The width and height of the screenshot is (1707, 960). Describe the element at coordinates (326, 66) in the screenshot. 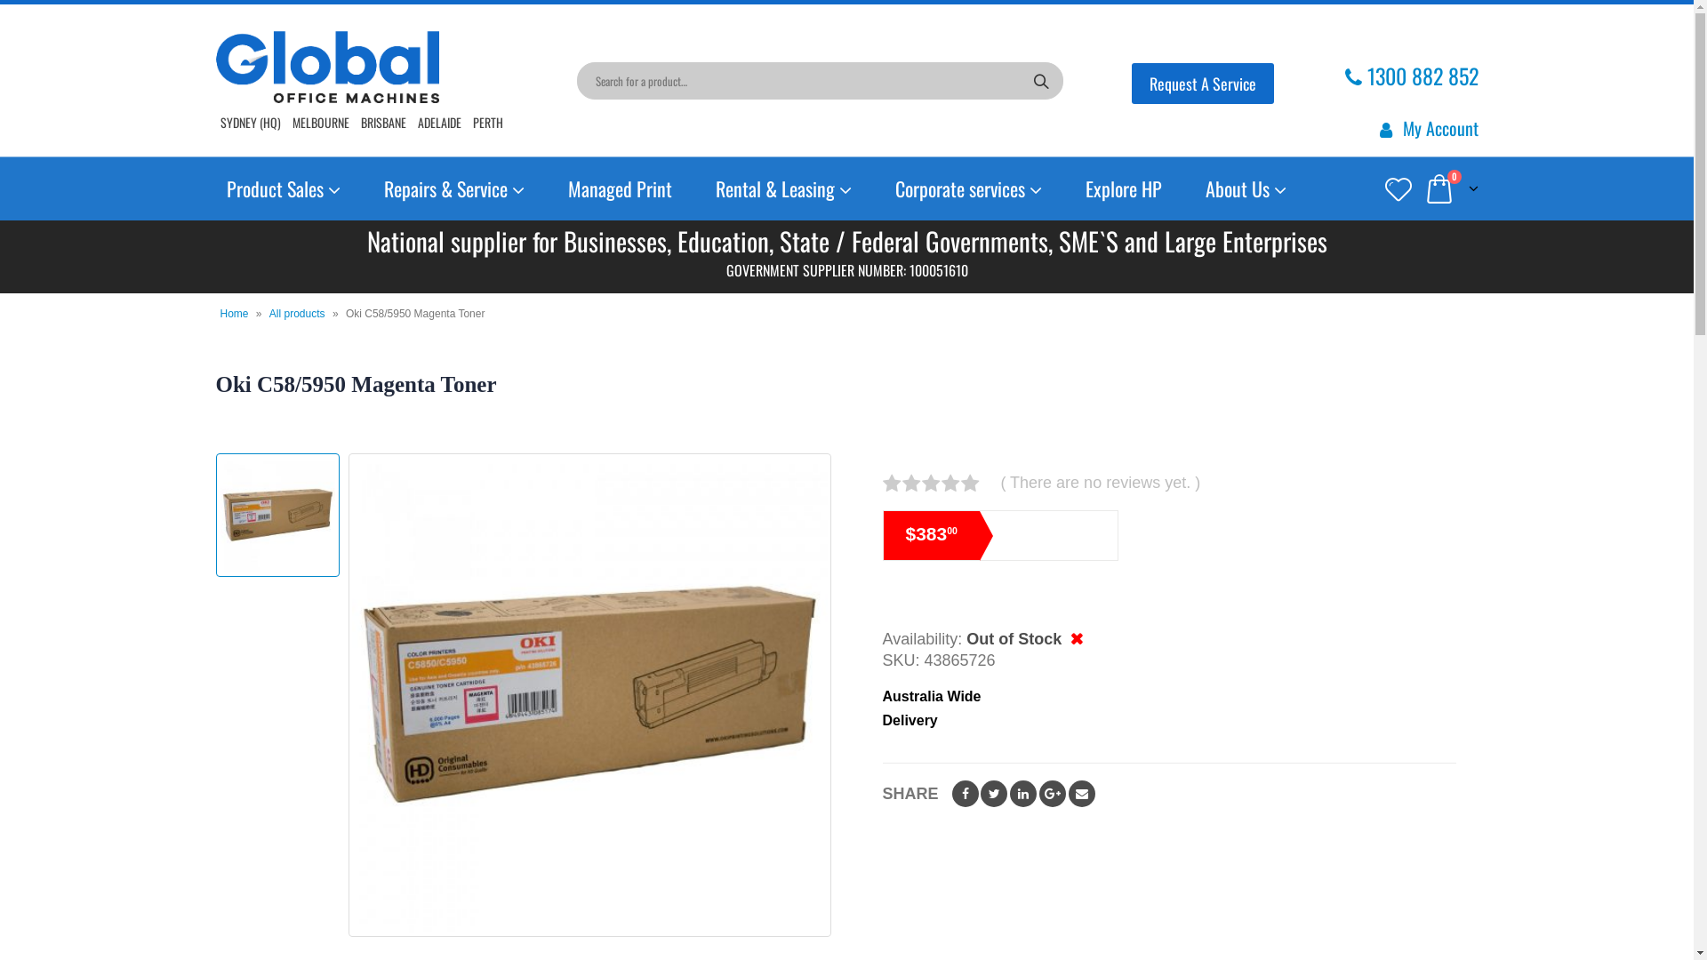

I see `'Global Office Machines - '` at that location.